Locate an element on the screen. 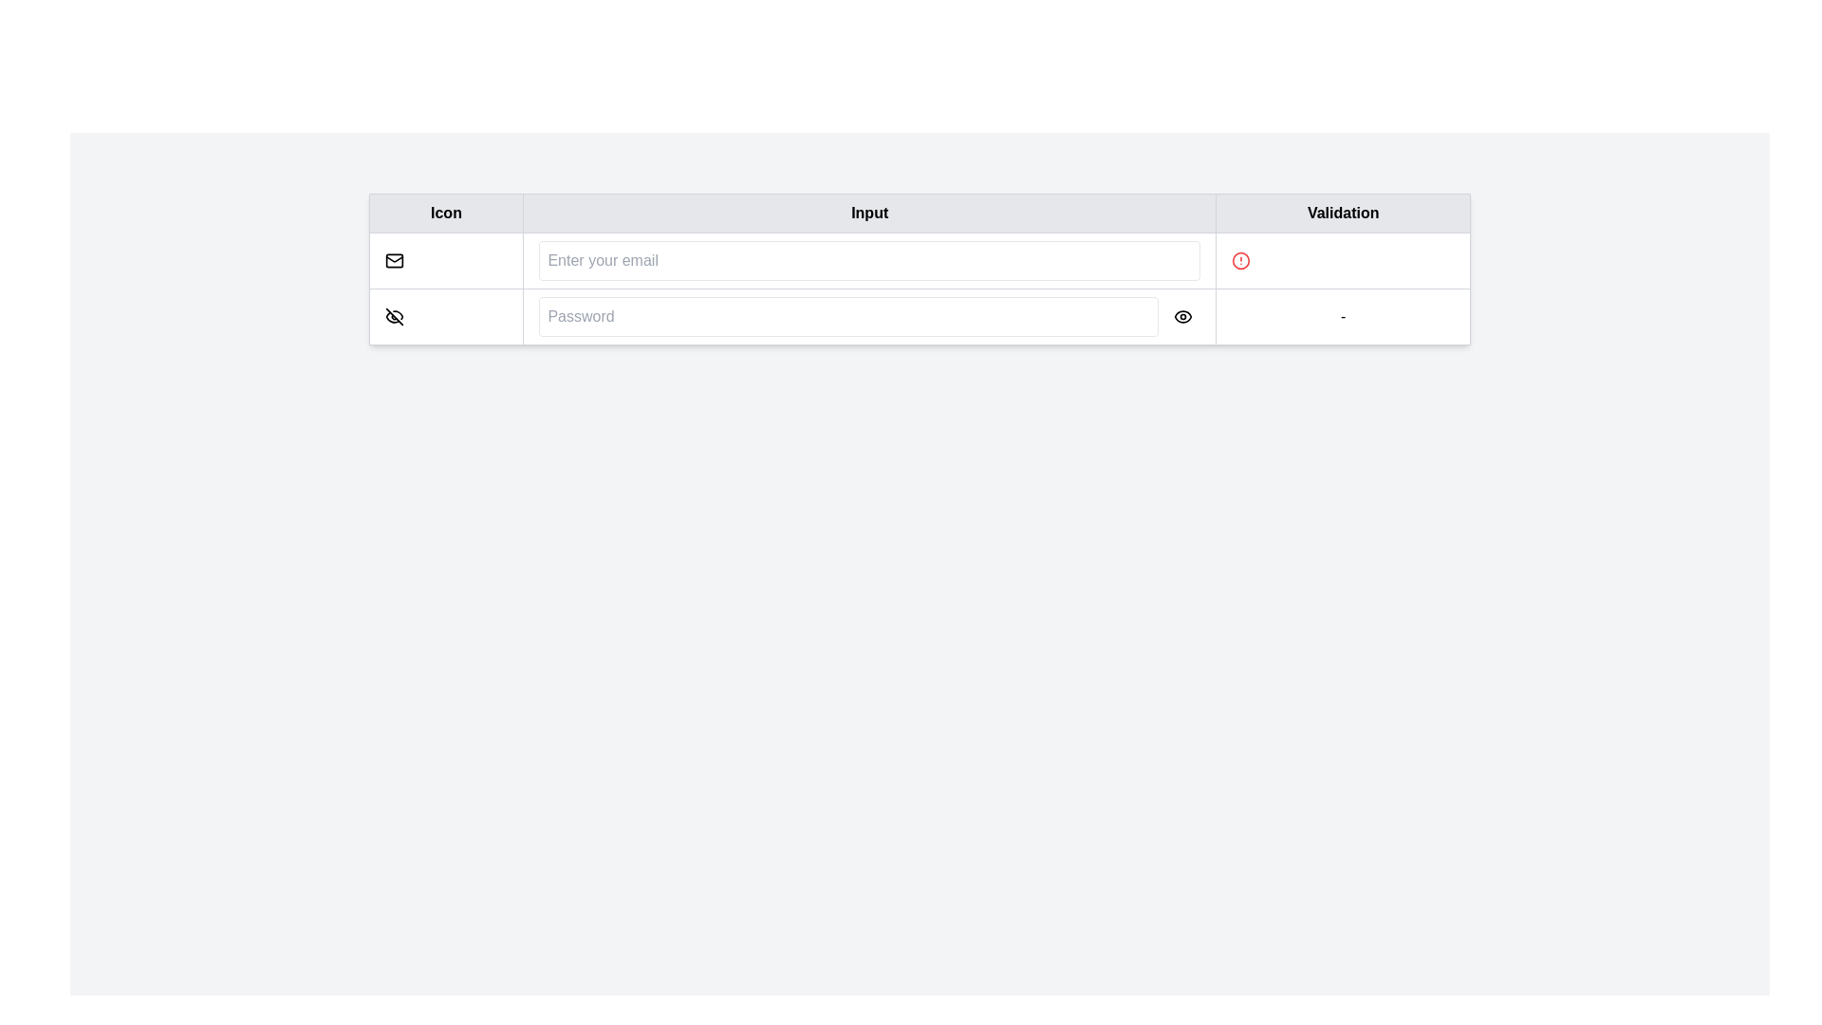  the visibility toggle icon located in the second row under the 'Icon' column of the table layout is located at coordinates (393, 316).